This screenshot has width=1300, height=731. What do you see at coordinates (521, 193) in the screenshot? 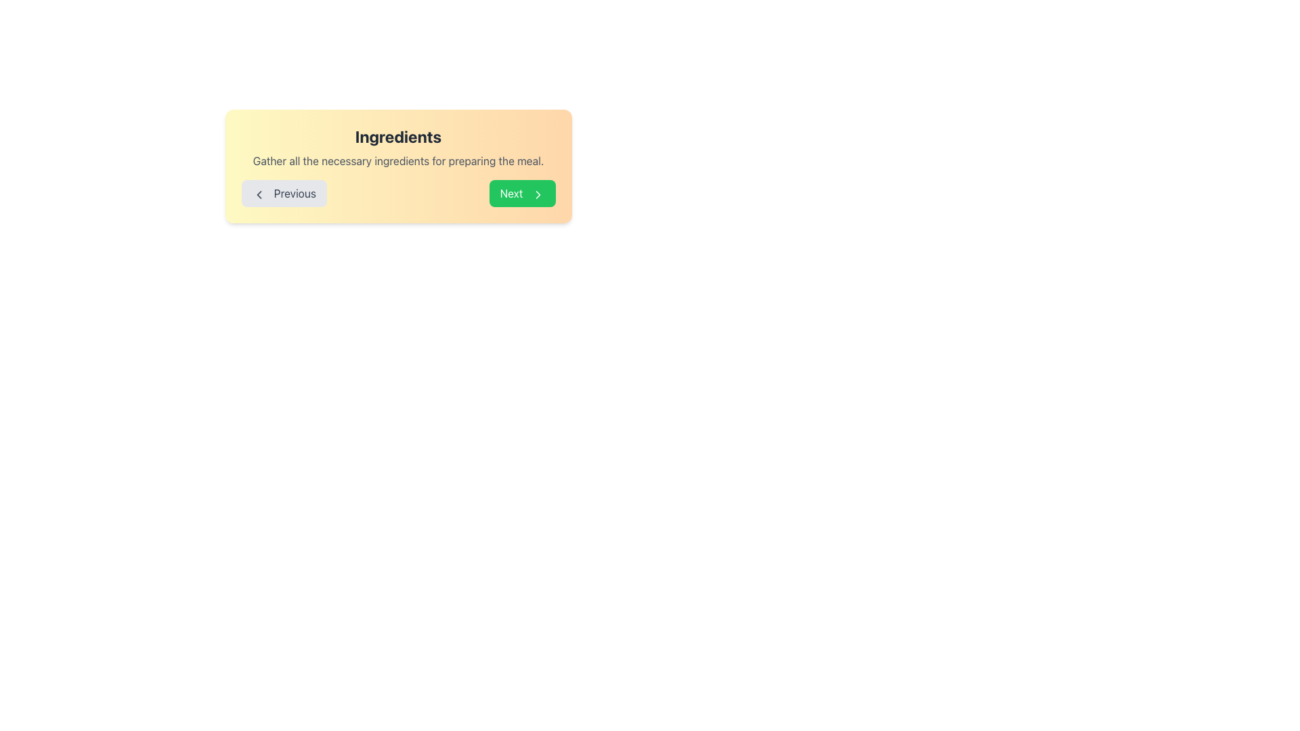
I see `the green rectangular button labeled 'Next' with a right-pointing arrow icon` at bounding box center [521, 193].